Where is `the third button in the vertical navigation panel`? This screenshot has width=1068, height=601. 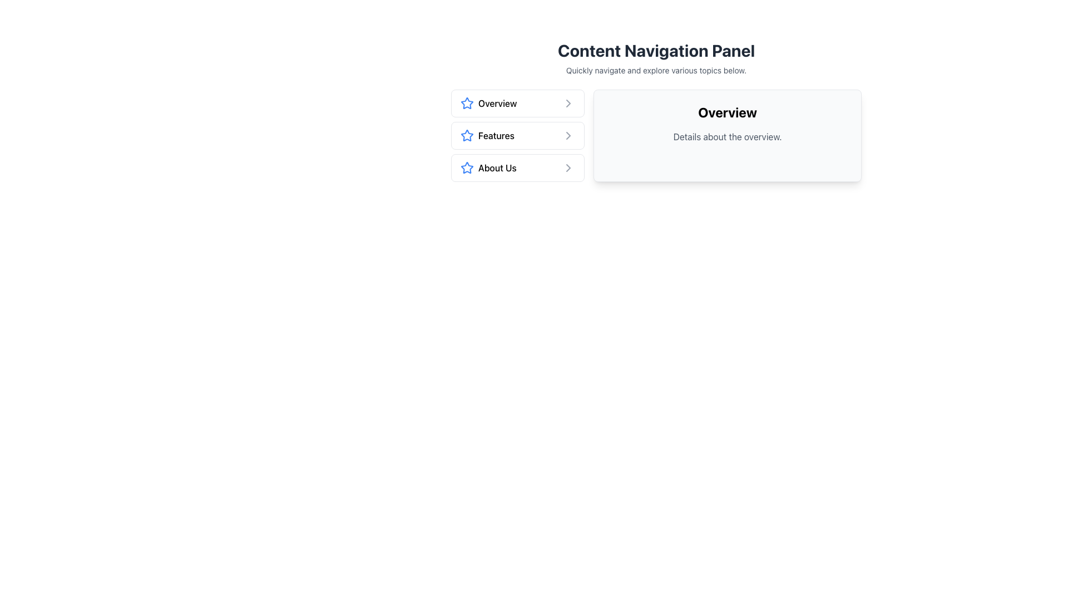
the third button in the vertical navigation panel is located at coordinates (517, 168).